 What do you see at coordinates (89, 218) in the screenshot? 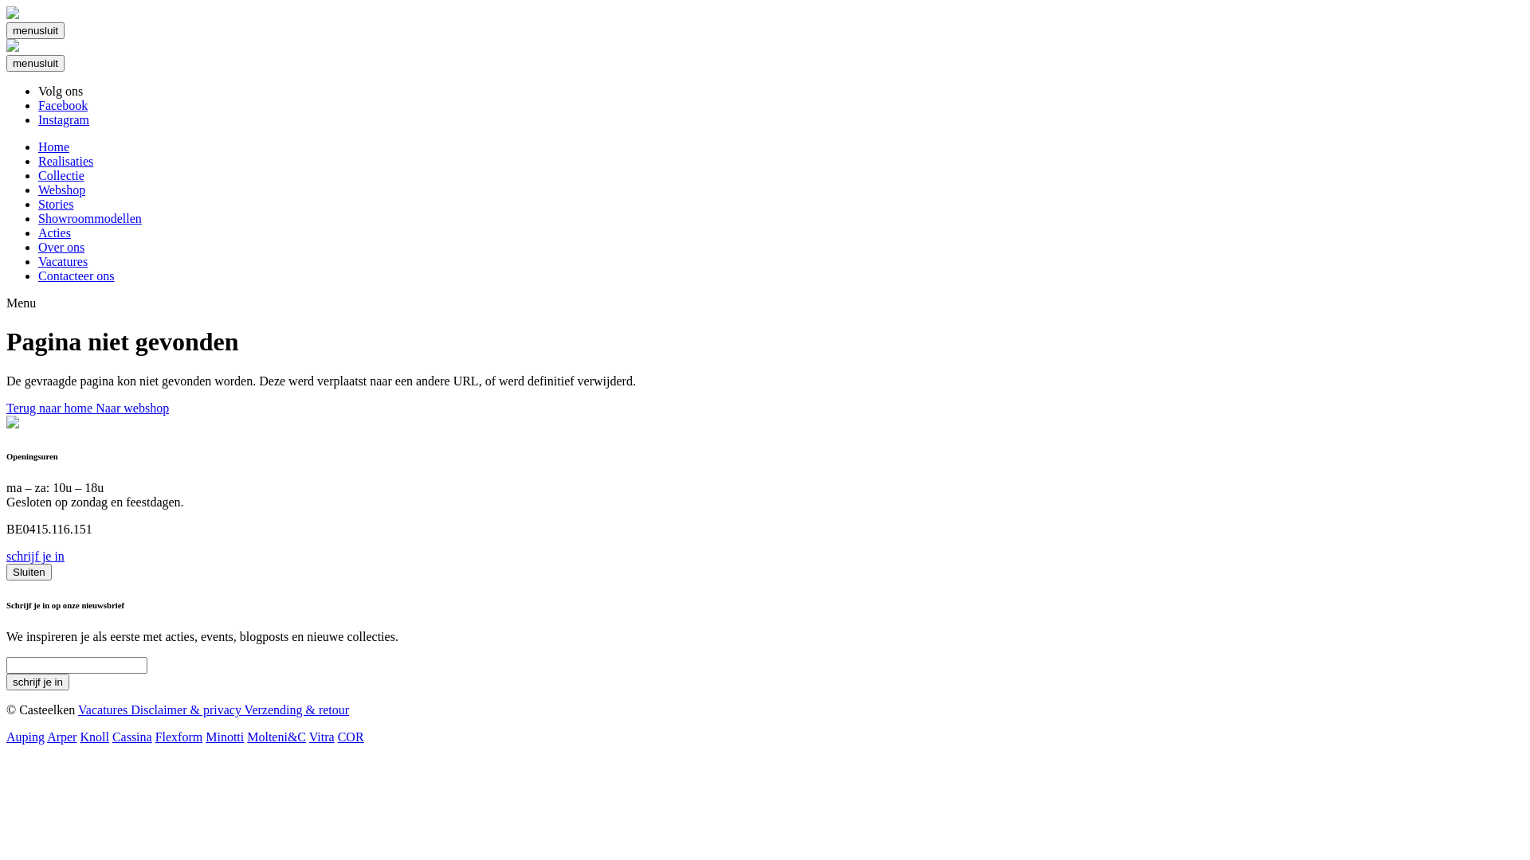
I see `'Showroommodellen'` at bounding box center [89, 218].